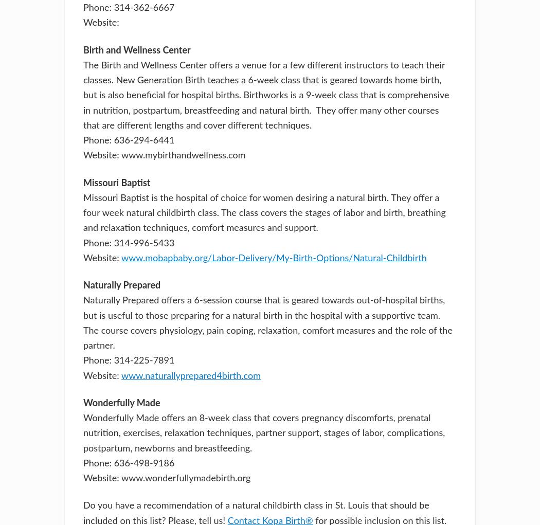  What do you see at coordinates (117, 183) in the screenshot?
I see `'Missouri Baptist'` at bounding box center [117, 183].